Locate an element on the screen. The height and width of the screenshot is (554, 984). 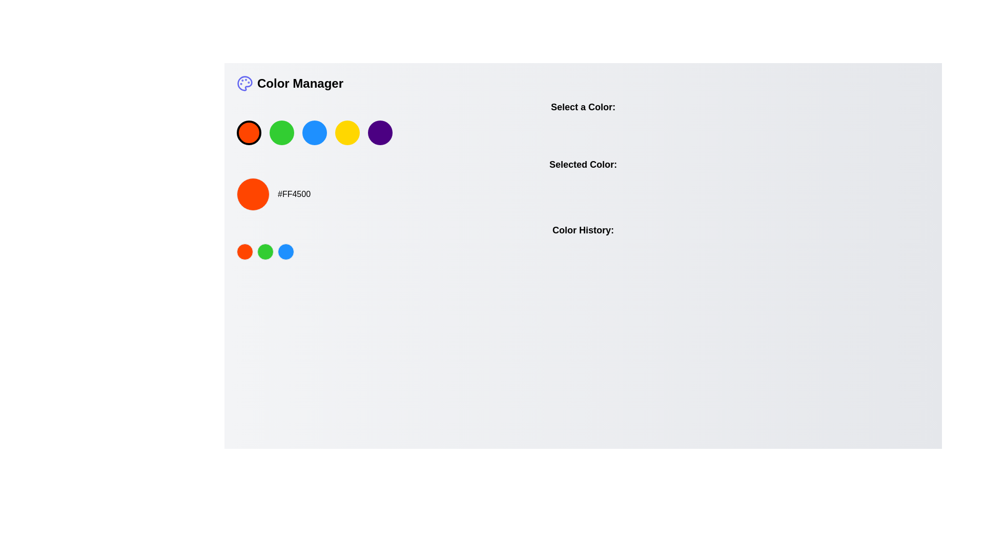
the circular green button located in the second position of the horizontal row of color selectors under 'Color Manager' is located at coordinates (282, 132).